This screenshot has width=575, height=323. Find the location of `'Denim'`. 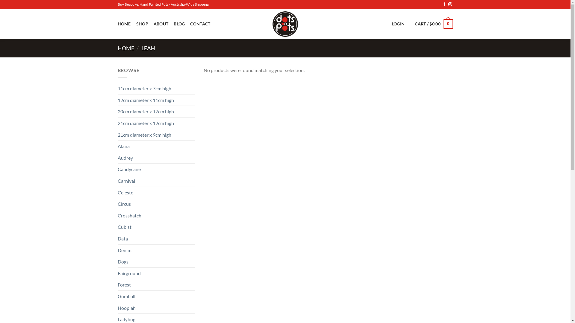

'Denim' is located at coordinates (156, 250).